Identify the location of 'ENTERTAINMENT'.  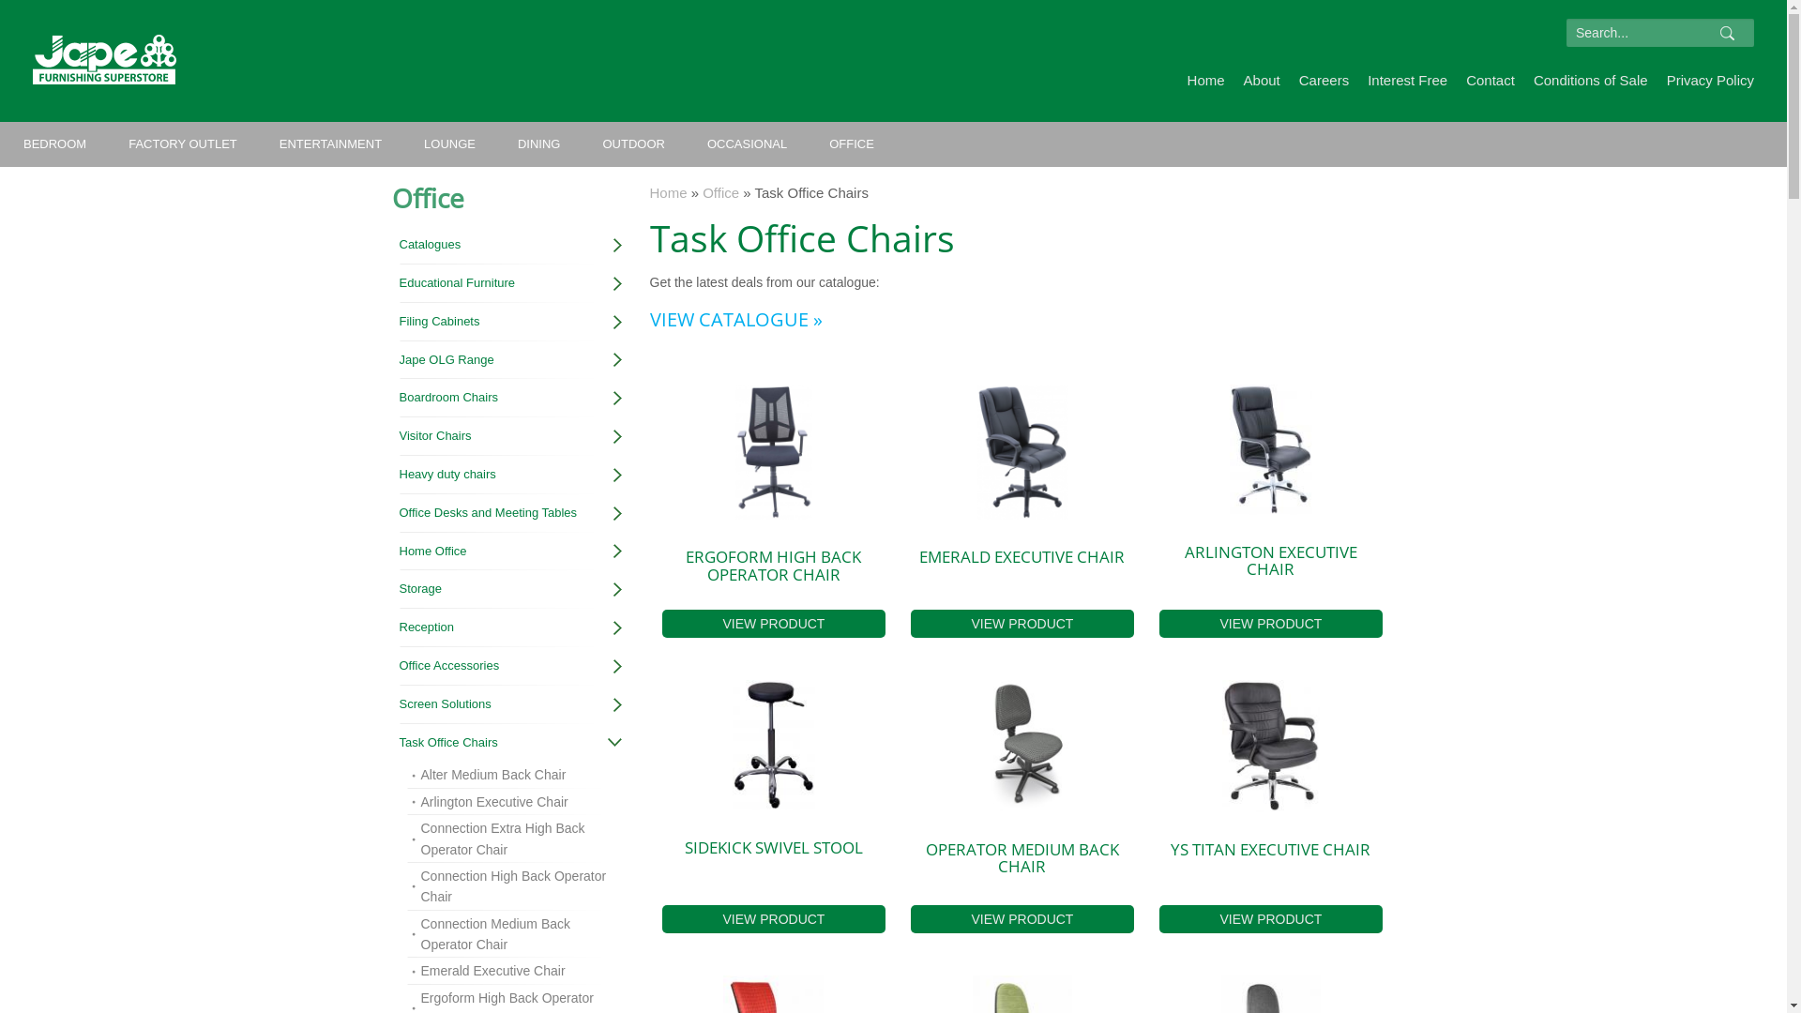
(330, 143).